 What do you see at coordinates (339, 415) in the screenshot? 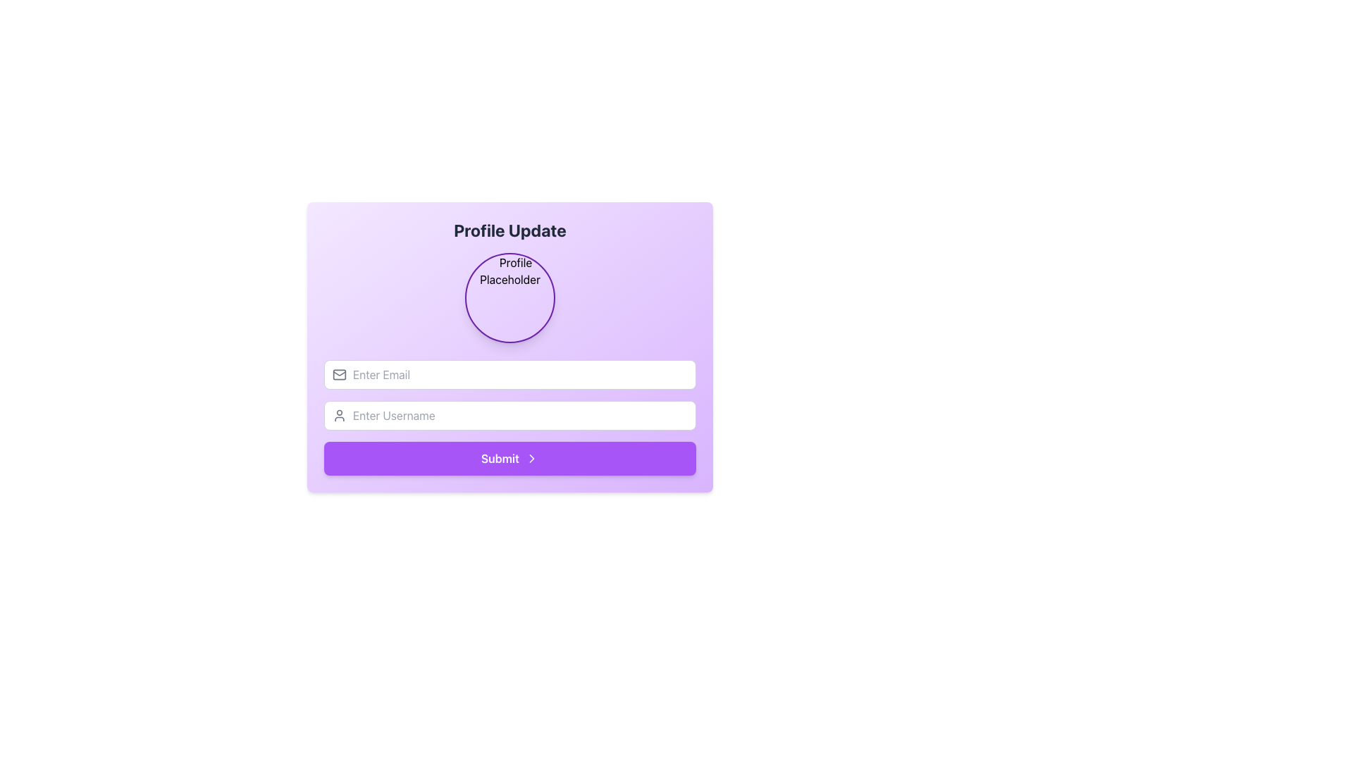
I see `the username input icon which is positioned to the left inside the username input field, accompanying the placeholder text 'Enter Username'` at bounding box center [339, 415].